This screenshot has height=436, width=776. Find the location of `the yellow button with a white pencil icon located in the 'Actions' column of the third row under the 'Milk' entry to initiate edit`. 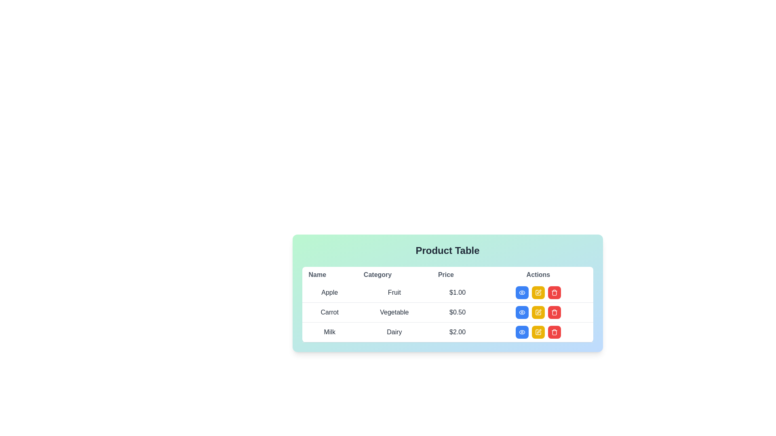

the yellow button with a white pencil icon located in the 'Actions' column of the third row under the 'Milk' entry to initiate edit is located at coordinates (538, 332).